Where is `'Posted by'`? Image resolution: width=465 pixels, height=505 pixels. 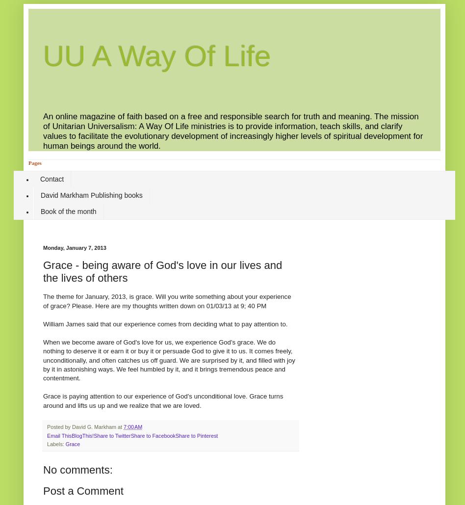 'Posted by' is located at coordinates (59, 426).